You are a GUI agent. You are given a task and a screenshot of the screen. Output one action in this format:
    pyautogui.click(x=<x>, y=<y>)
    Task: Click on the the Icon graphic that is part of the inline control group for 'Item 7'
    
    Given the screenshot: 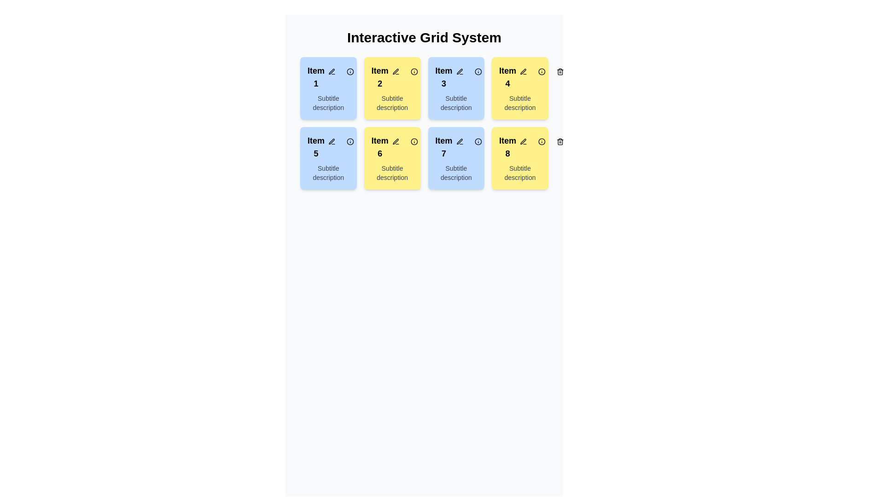 What is the action you would take?
    pyautogui.click(x=459, y=141)
    